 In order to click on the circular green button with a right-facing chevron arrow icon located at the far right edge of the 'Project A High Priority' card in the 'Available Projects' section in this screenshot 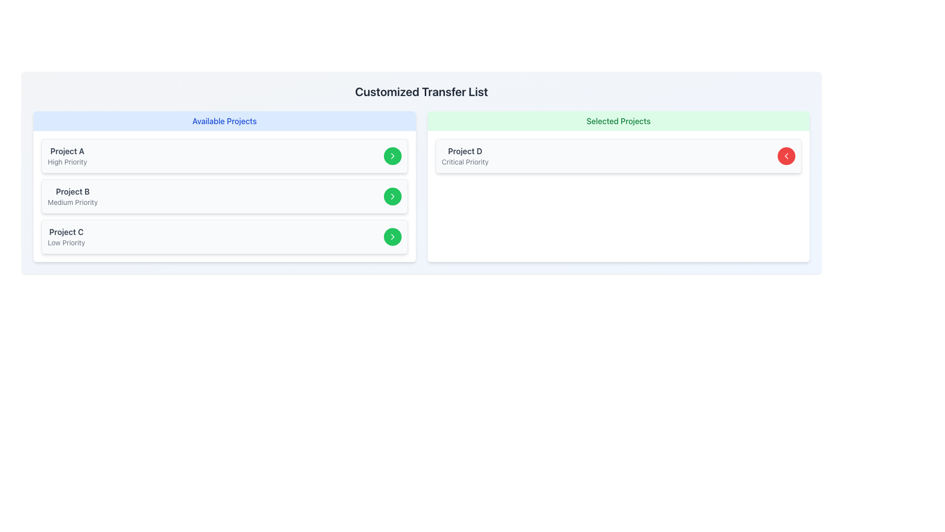, I will do `click(392, 155)`.